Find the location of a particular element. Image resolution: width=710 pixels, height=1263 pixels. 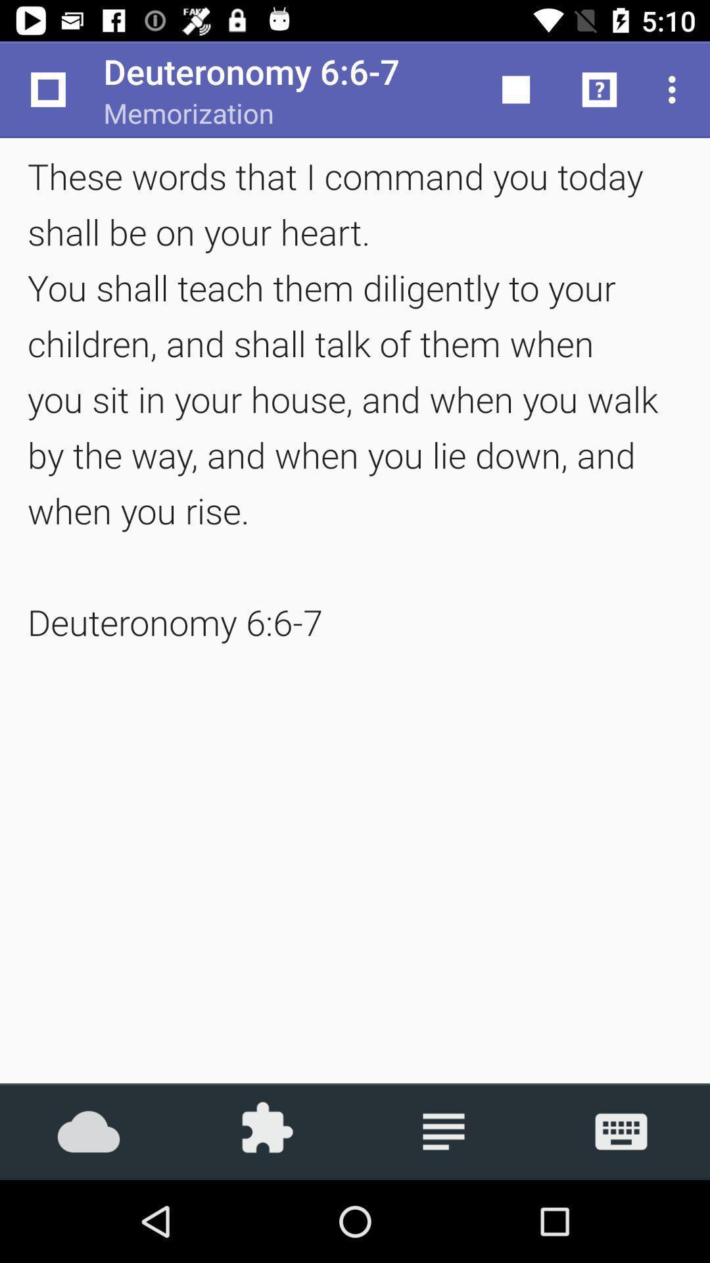

the icon above these words that item is located at coordinates (47, 89).